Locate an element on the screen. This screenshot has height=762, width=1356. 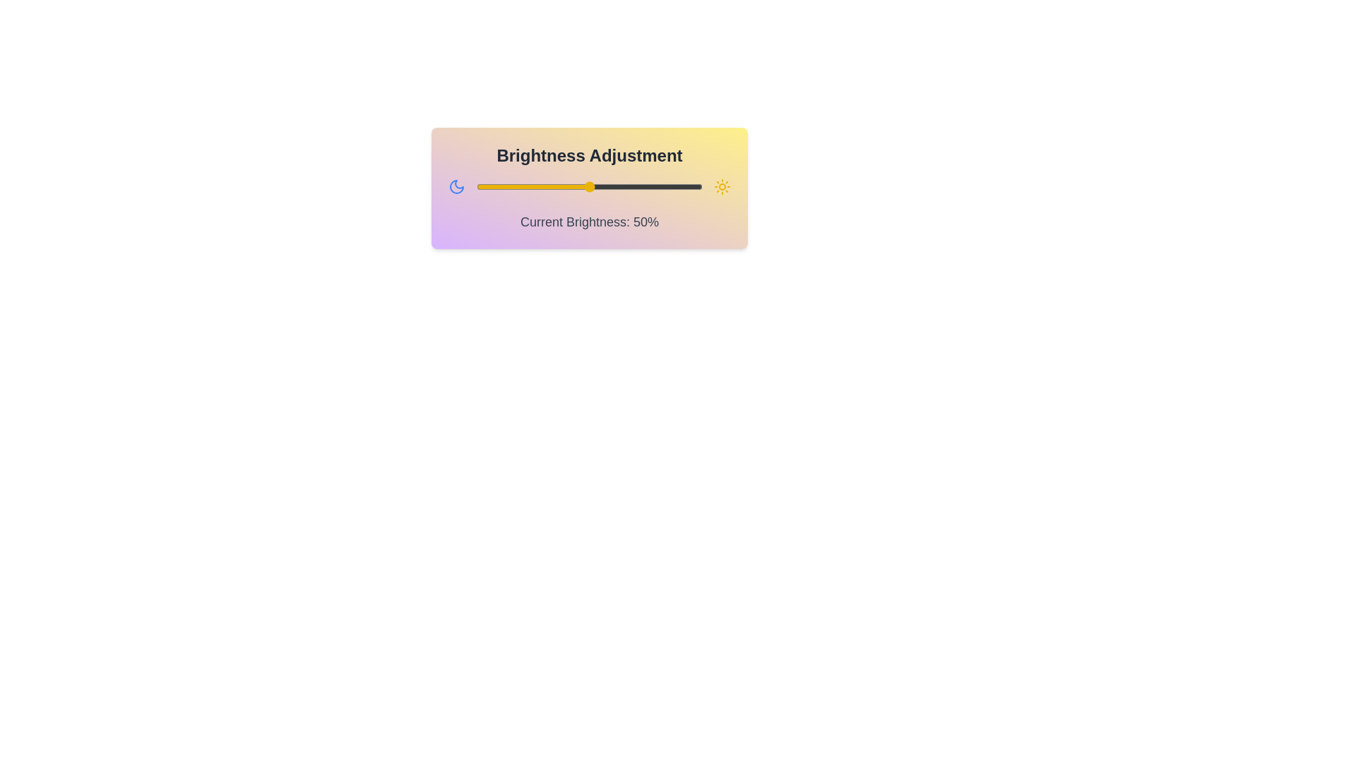
the brightness slider to 90% is located at coordinates (680, 186).